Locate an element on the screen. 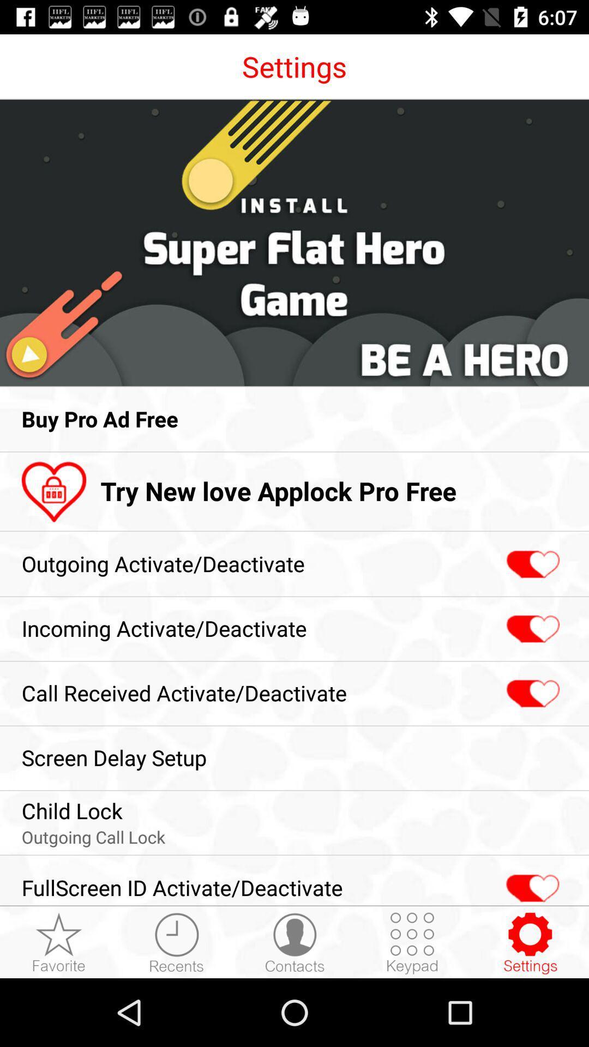 This screenshot has height=1047, width=589. the  favorite icon is located at coordinates (59, 942).